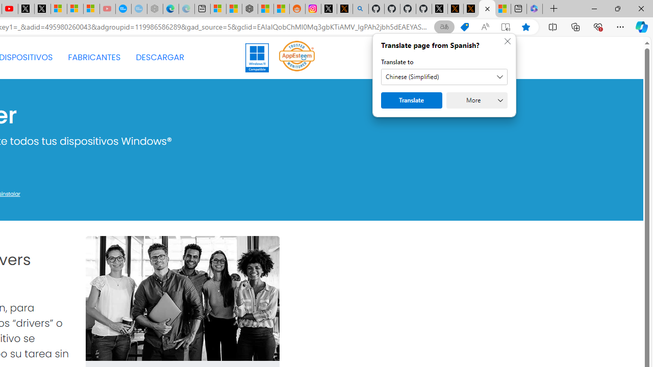 This screenshot has height=367, width=653. Describe the element at coordinates (534, 9) in the screenshot. I see `'Login | Microsoft 365'` at that location.